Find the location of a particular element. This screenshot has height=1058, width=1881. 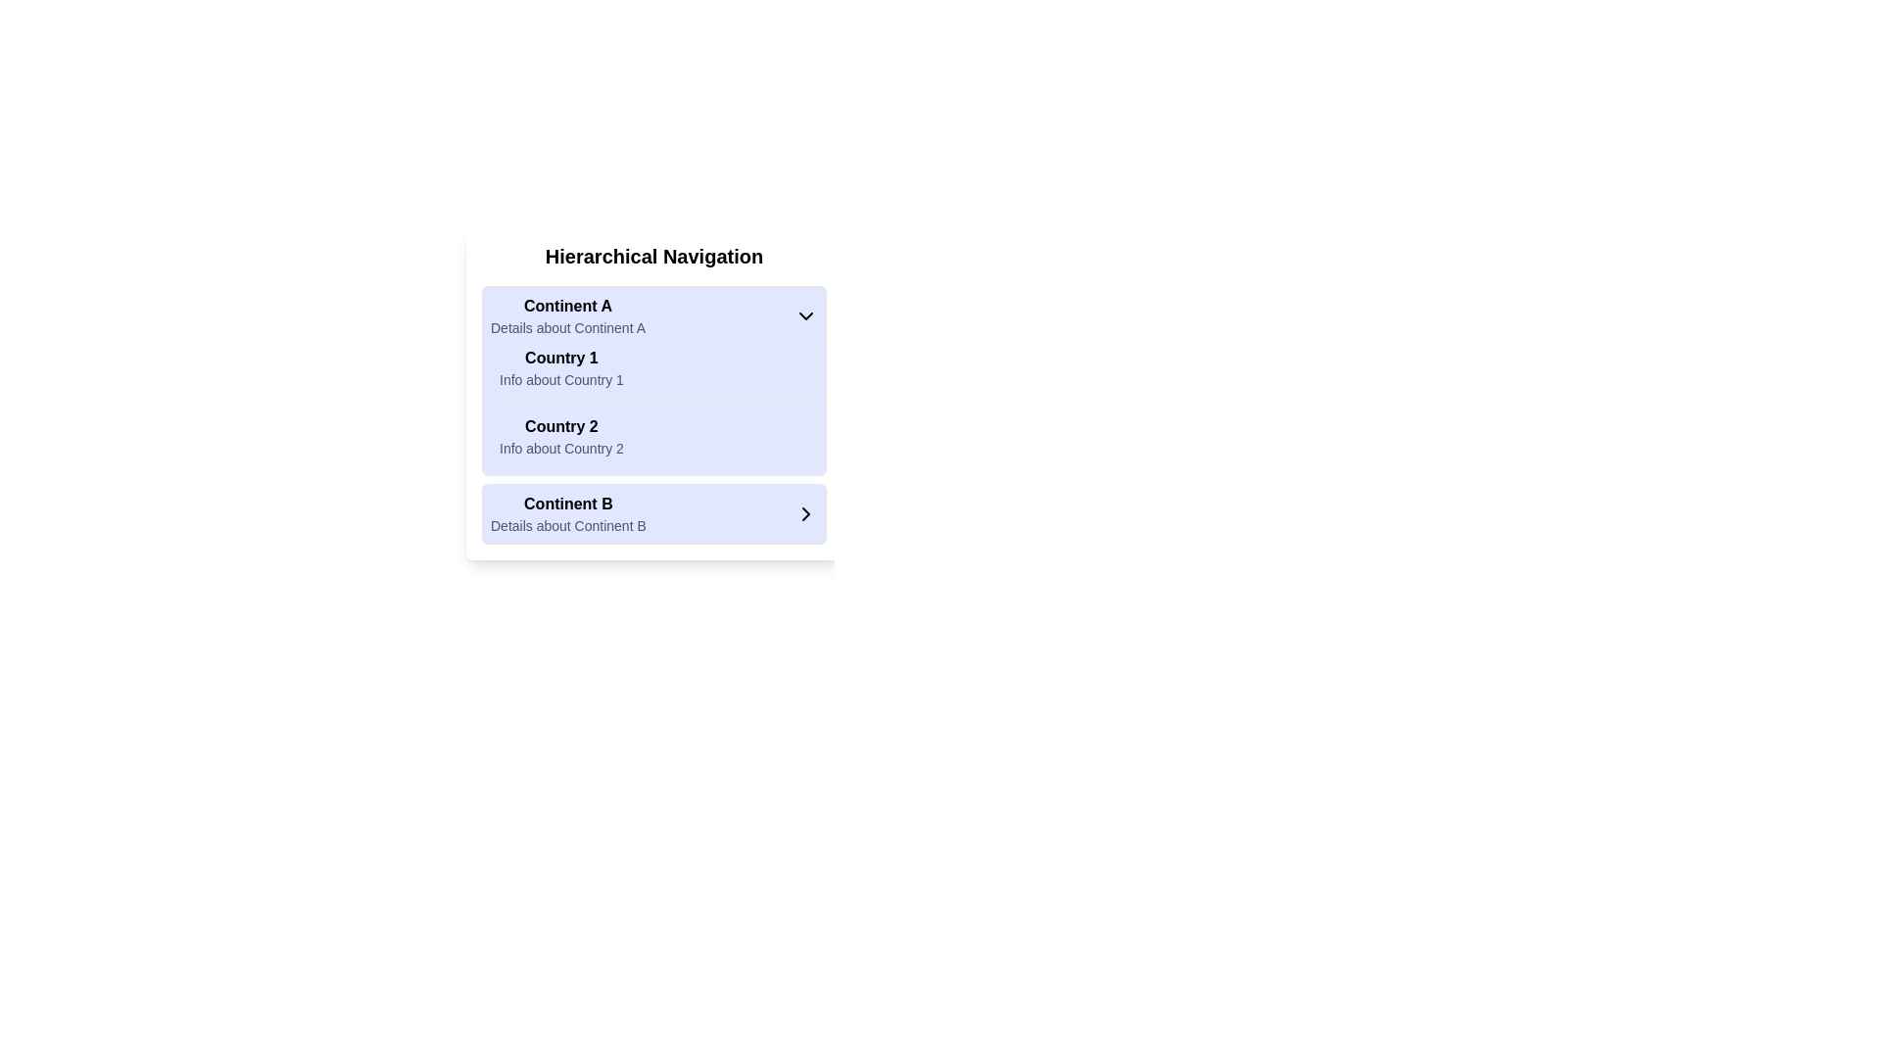

the right-facing arrow icon (Chevron Right) styled with a minimalistic design on a light blue background is located at coordinates (805, 512).